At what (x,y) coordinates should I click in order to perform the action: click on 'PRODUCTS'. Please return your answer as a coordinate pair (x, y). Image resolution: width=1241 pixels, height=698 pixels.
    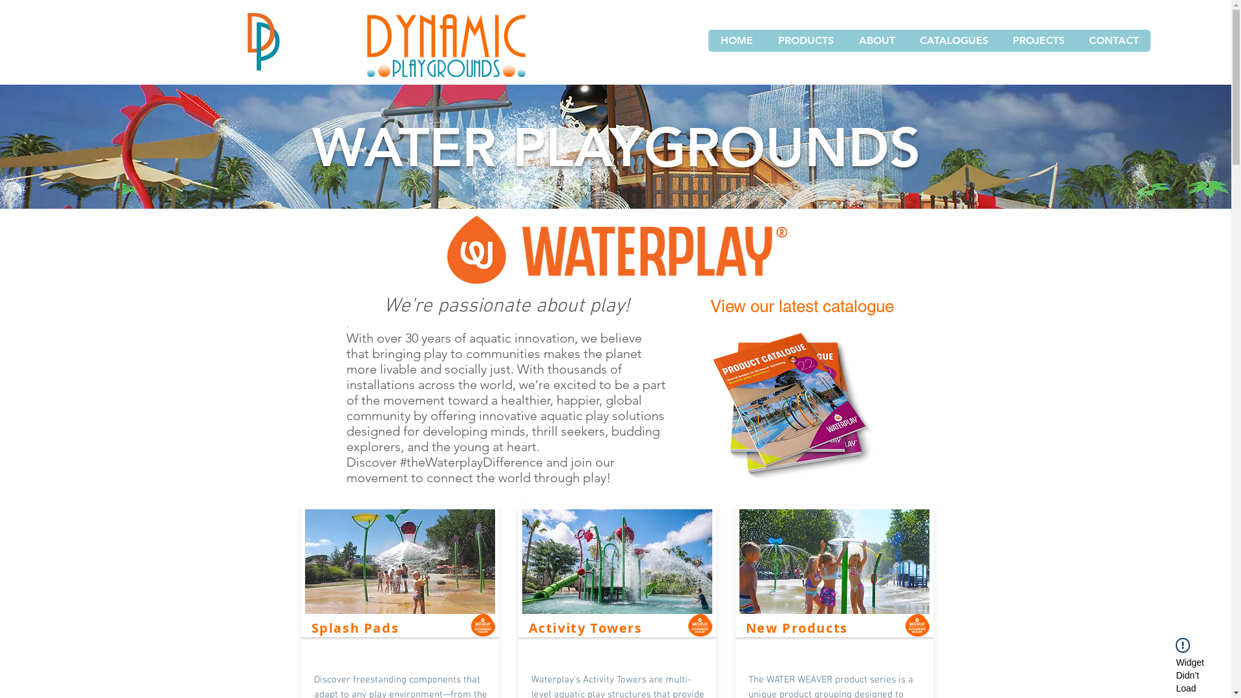
    Looking at the image, I should click on (765, 39).